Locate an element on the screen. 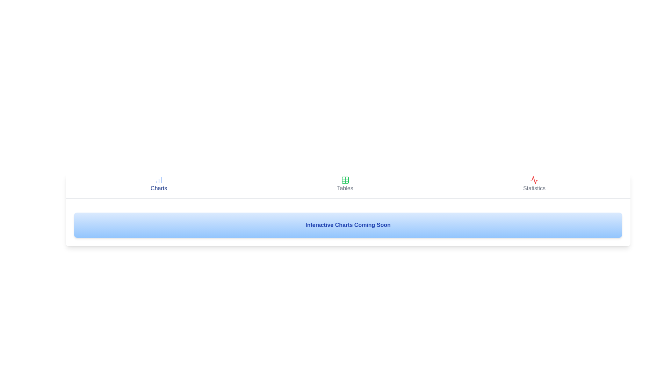 This screenshot has height=377, width=671. the Tables tab by clicking on its label is located at coordinates (345, 184).